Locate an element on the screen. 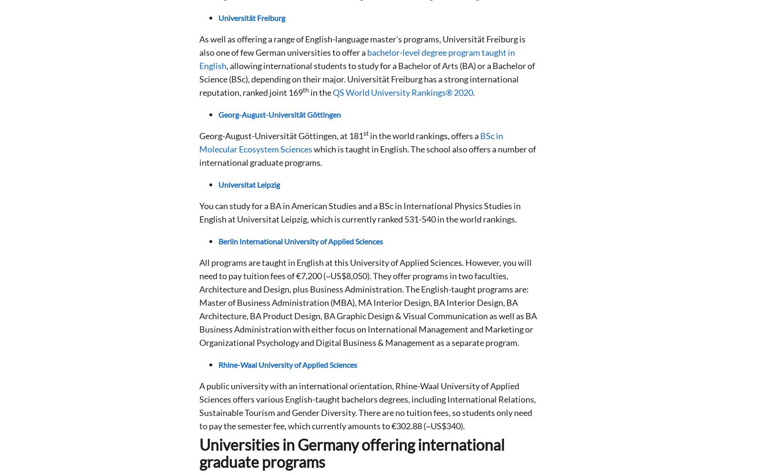  'As well as offering a range of English-language master’s programs, Universität Freiburg is also one of few German universities to offer a' is located at coordinates (362, 46).